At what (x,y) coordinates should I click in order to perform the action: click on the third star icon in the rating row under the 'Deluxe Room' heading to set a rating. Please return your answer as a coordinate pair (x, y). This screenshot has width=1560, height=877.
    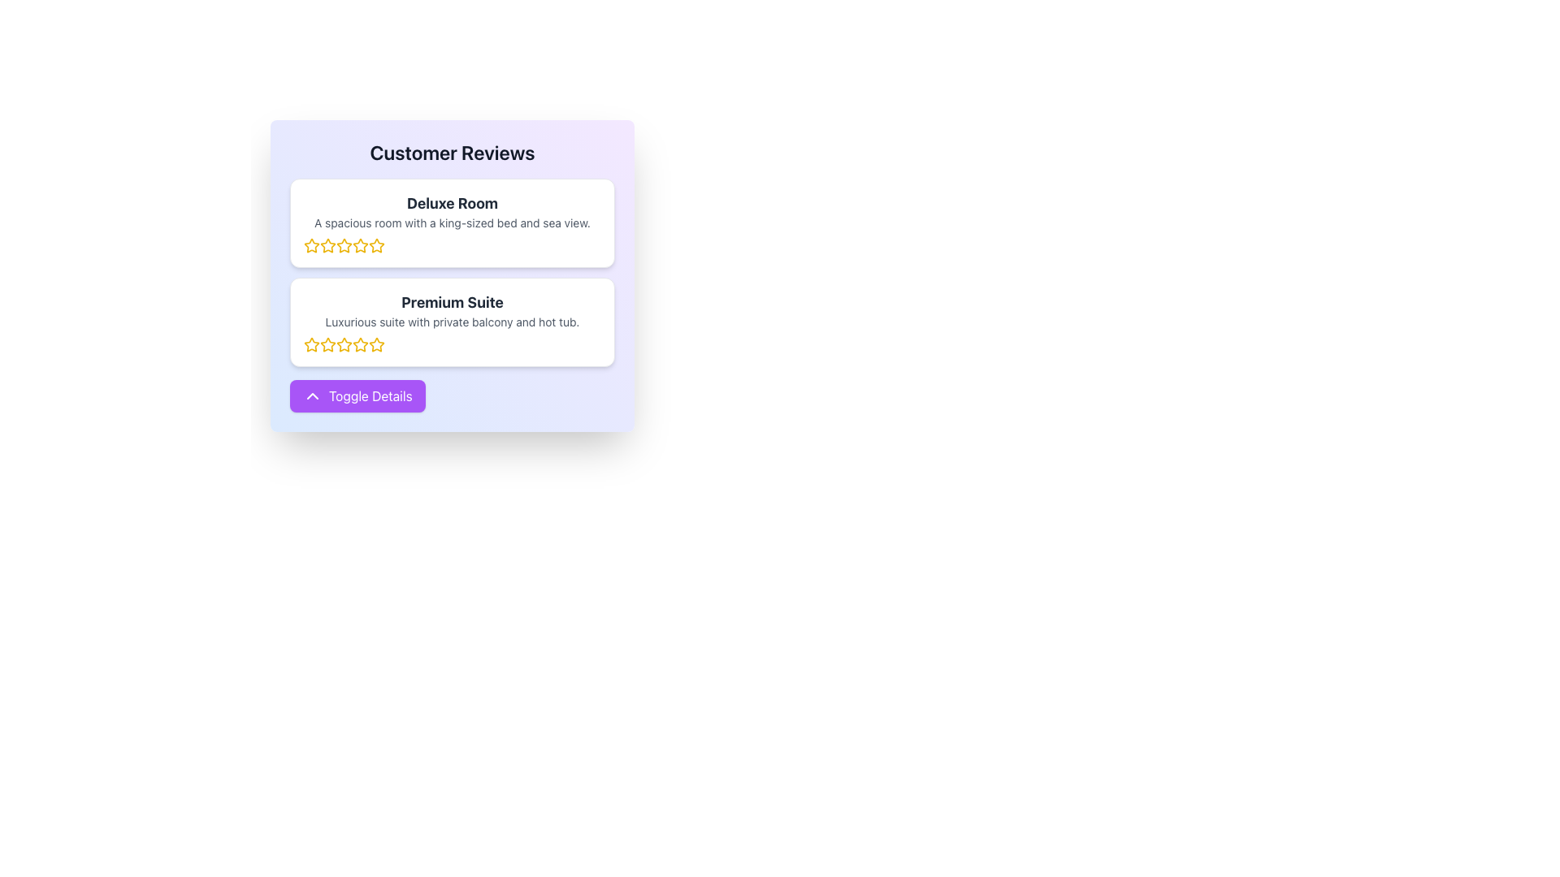
    Looking at the image, I should click on (376, 245).